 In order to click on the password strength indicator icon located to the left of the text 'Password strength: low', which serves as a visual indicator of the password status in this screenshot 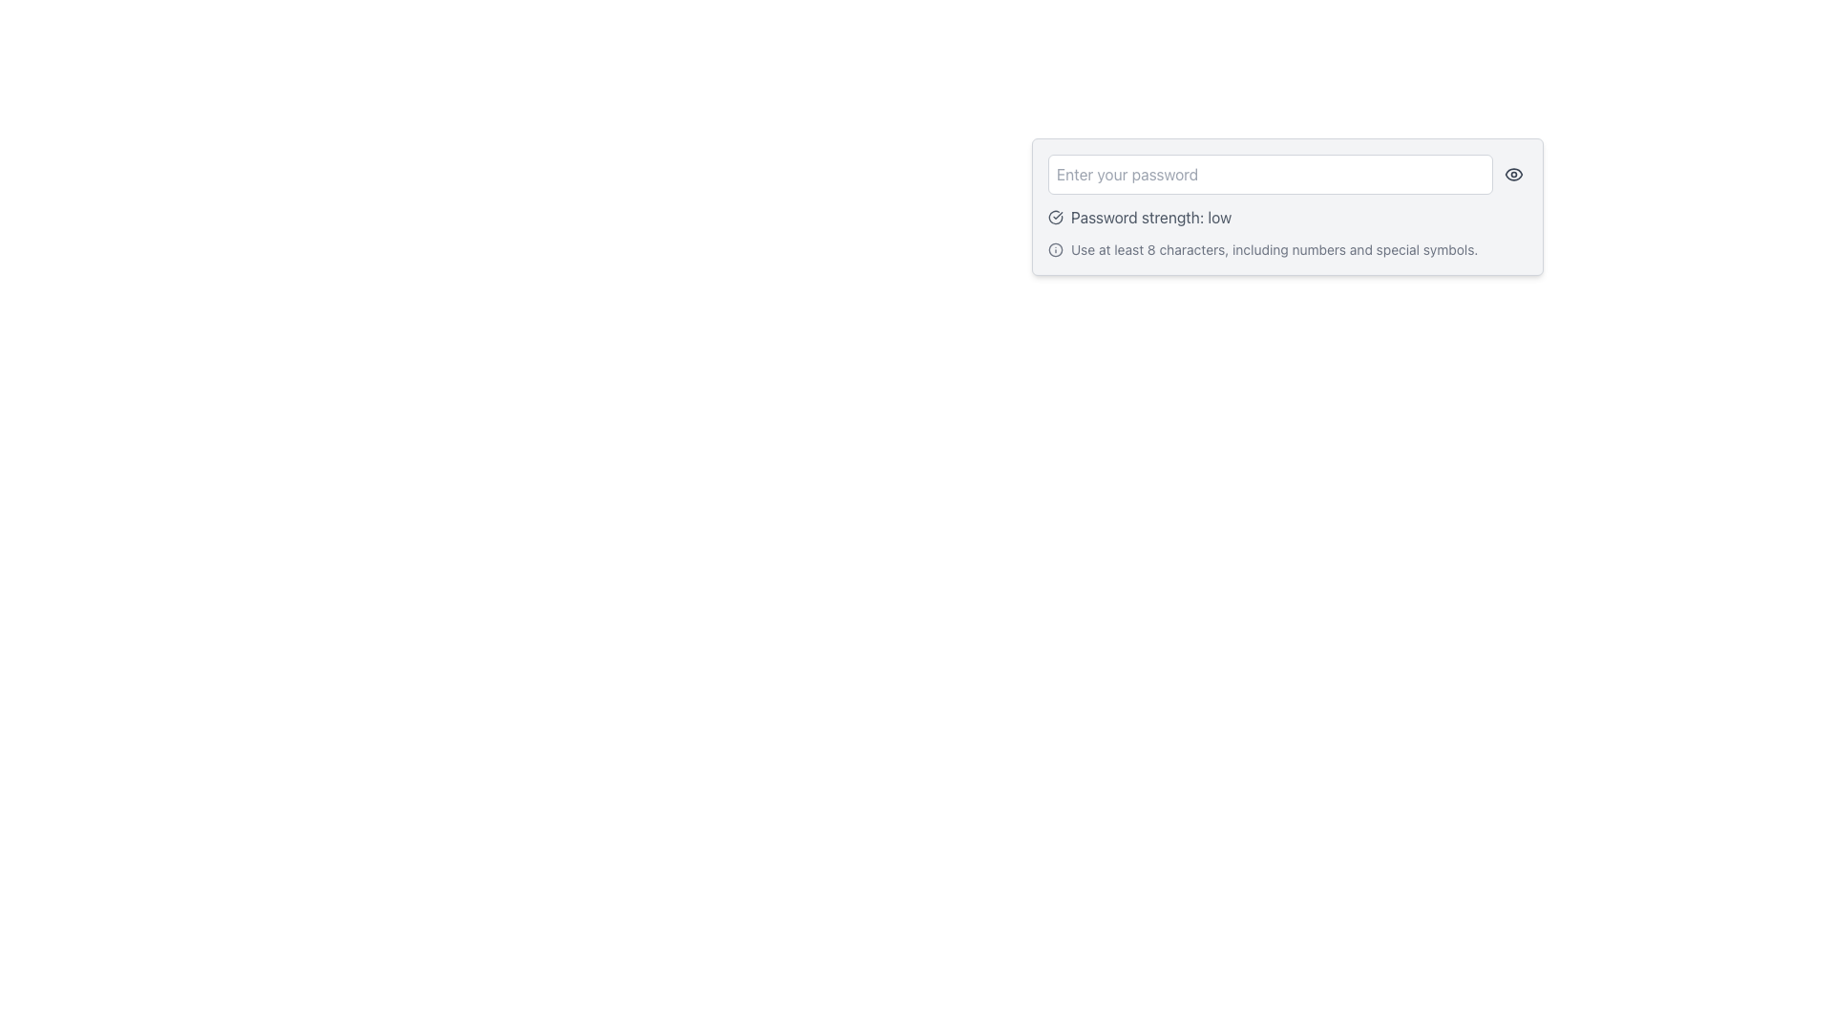, I will do `click(1054, 216)`.